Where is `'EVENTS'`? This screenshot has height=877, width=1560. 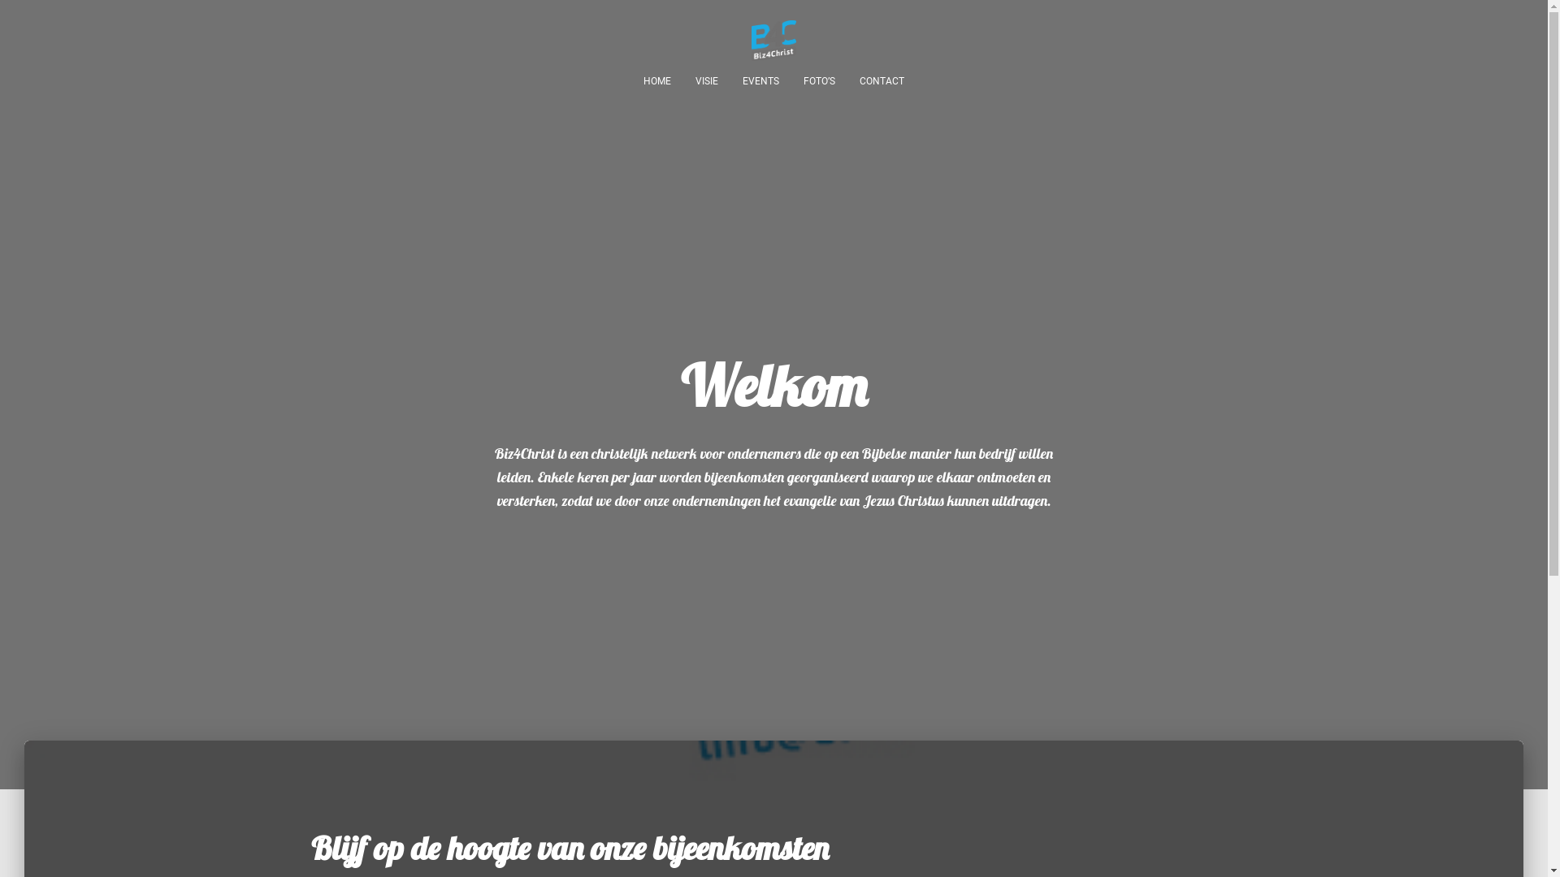 'EVENTS' is located at coordinates (760, 81).